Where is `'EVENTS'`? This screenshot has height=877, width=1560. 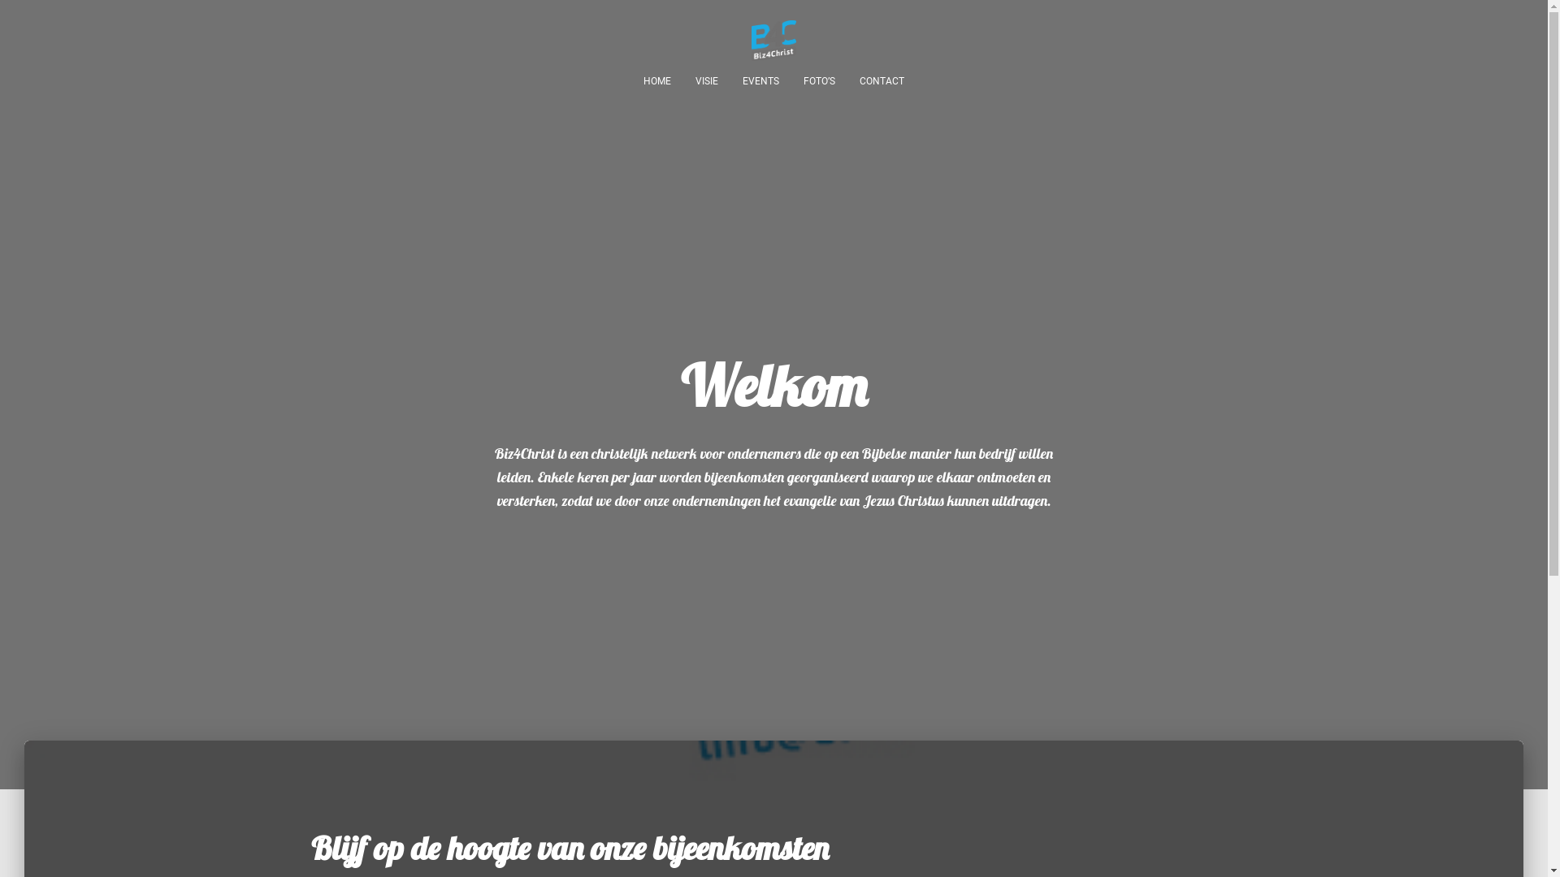 'EVENTS' is located at coordinates (760, 81).